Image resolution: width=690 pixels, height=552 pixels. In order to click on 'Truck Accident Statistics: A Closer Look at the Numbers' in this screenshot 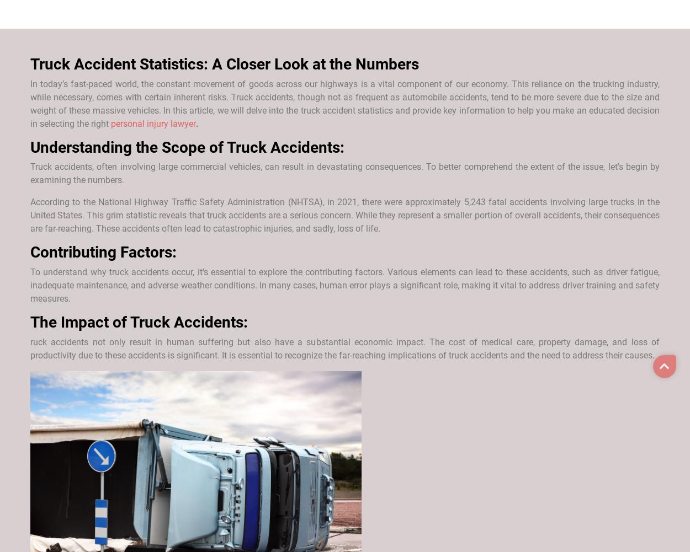, I will do `click(225, 63)`.